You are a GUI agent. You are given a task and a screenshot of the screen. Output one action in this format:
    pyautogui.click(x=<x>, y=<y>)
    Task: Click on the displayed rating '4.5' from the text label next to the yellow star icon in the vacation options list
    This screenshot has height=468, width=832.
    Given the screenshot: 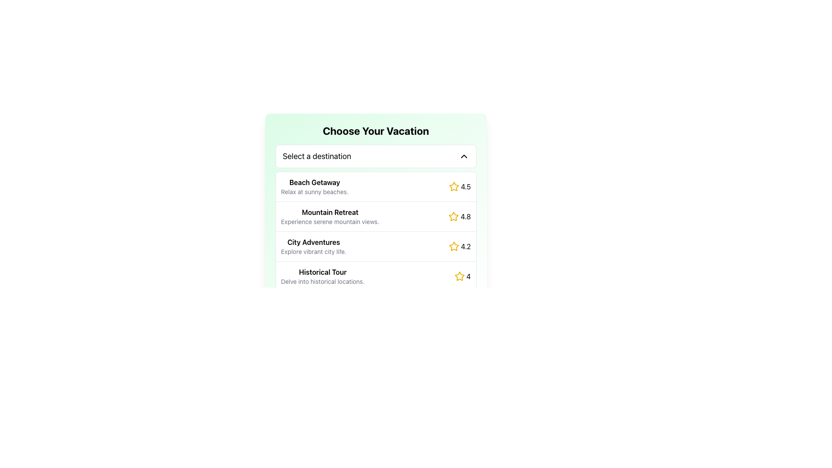 What is the action you would take?
    pyautogui.click(x=465, y=186)
    